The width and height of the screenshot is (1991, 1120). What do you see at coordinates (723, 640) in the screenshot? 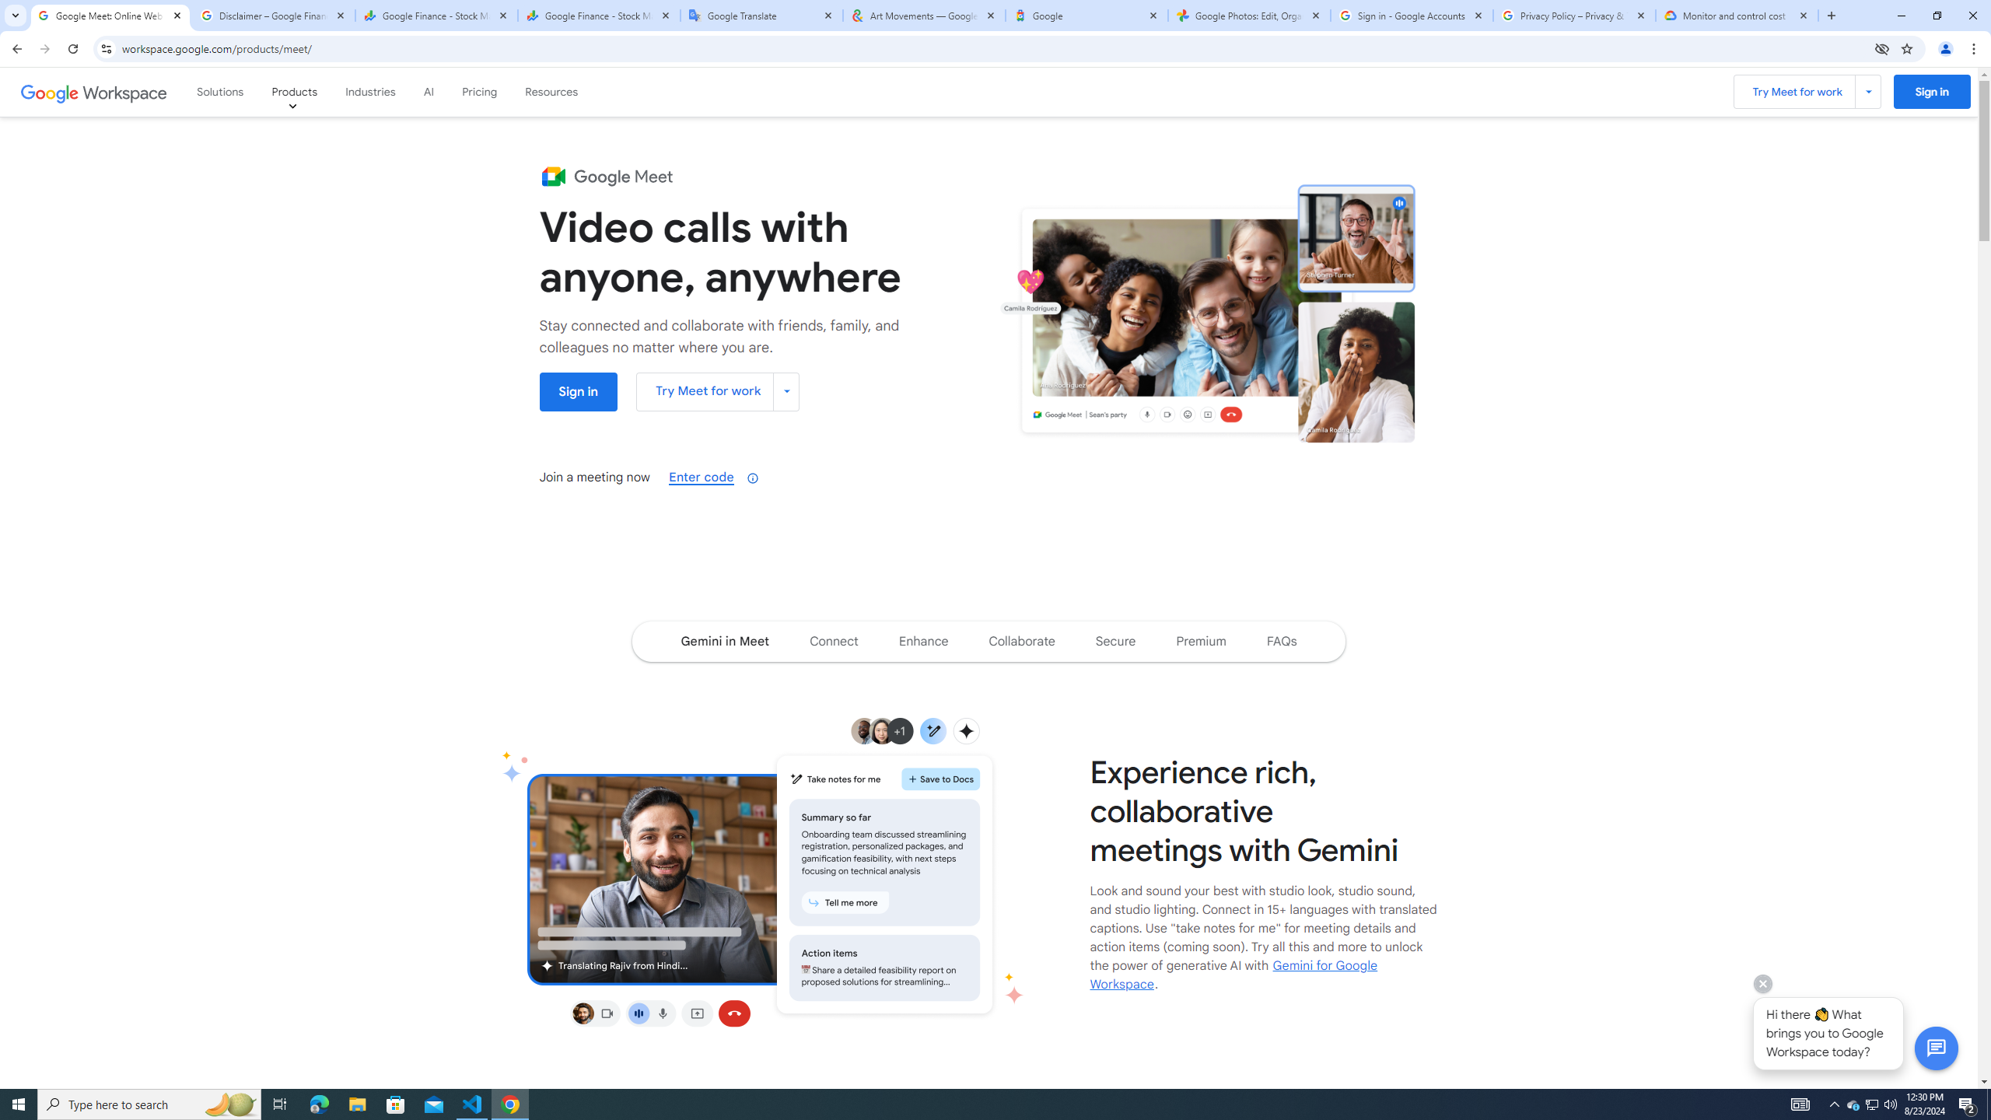
I see `'Navigate to the Gemini in Meet section of the page'` at bounding box center [723, 640].